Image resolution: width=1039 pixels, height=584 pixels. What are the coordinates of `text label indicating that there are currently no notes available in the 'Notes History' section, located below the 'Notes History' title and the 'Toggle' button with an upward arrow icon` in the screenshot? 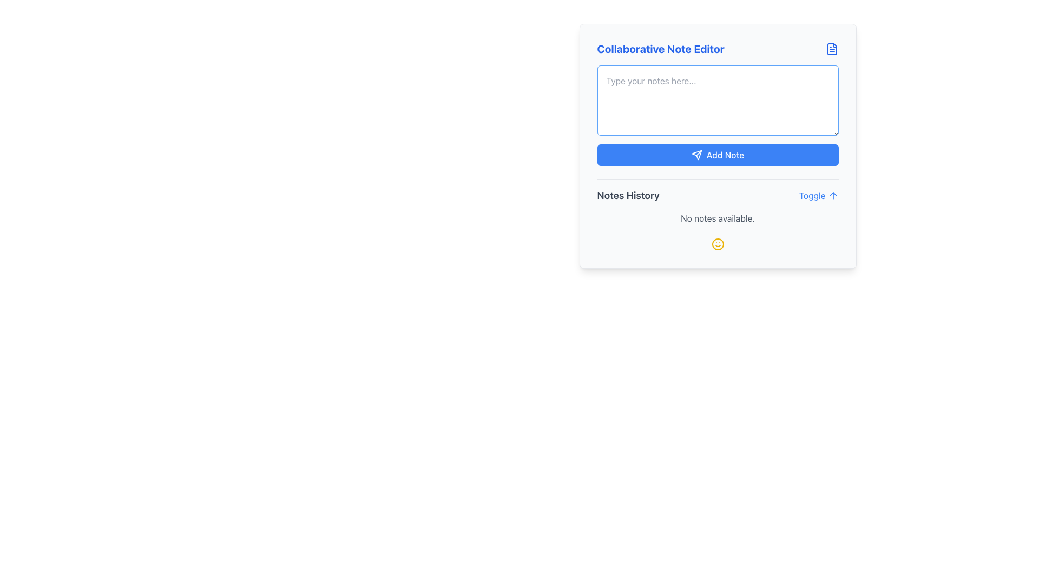 It's located at (718, 218).